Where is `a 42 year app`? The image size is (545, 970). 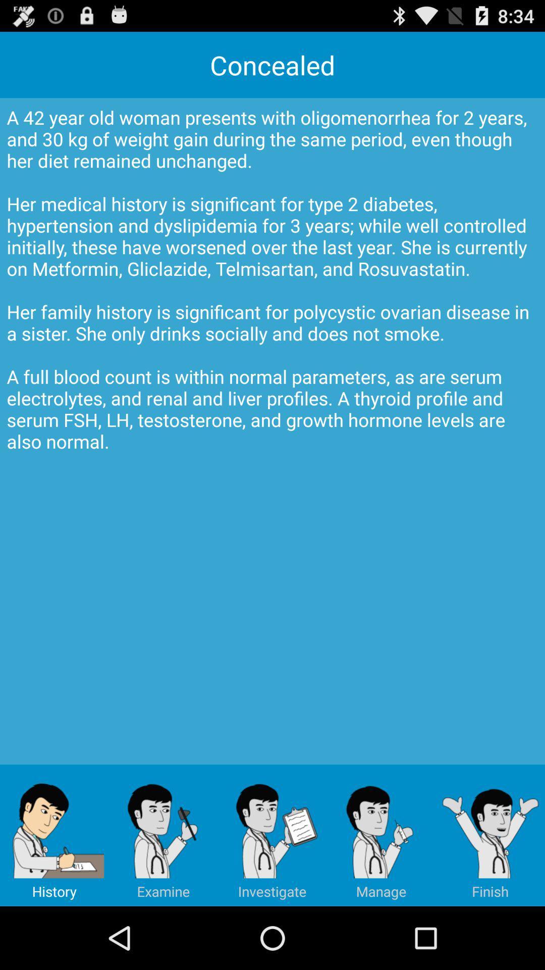 a 42 year app is located at coordinates (272, 431).